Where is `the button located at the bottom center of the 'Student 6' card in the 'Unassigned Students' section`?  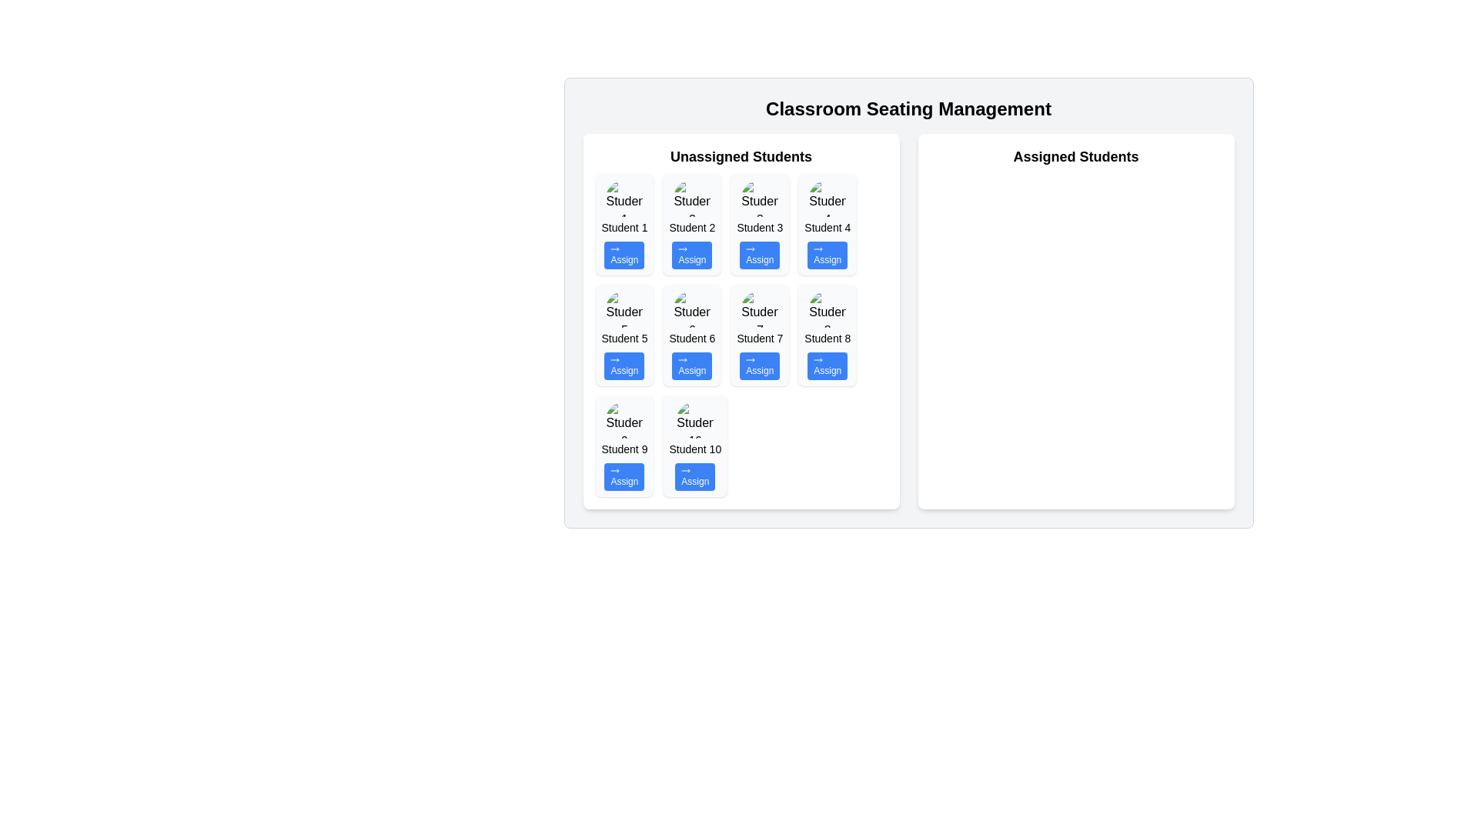
the button located at the bottom center of the 'Student 6' card in the 'Unassigned Students' section is located at coordinates (691, 365).